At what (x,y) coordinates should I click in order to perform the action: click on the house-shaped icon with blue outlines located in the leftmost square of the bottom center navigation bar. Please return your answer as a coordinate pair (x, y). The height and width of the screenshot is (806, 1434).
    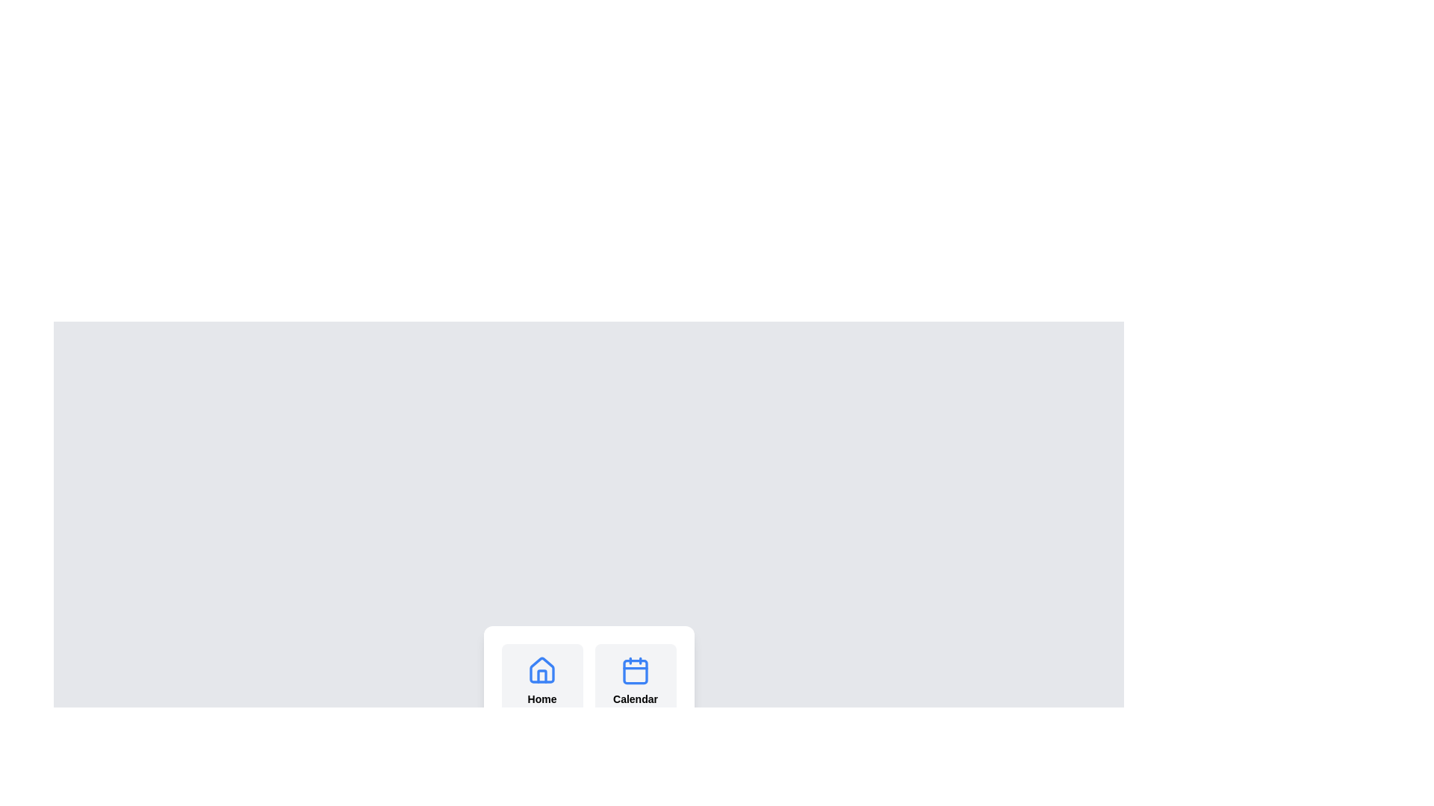
    Looking at the image, I should click on (541, 669).